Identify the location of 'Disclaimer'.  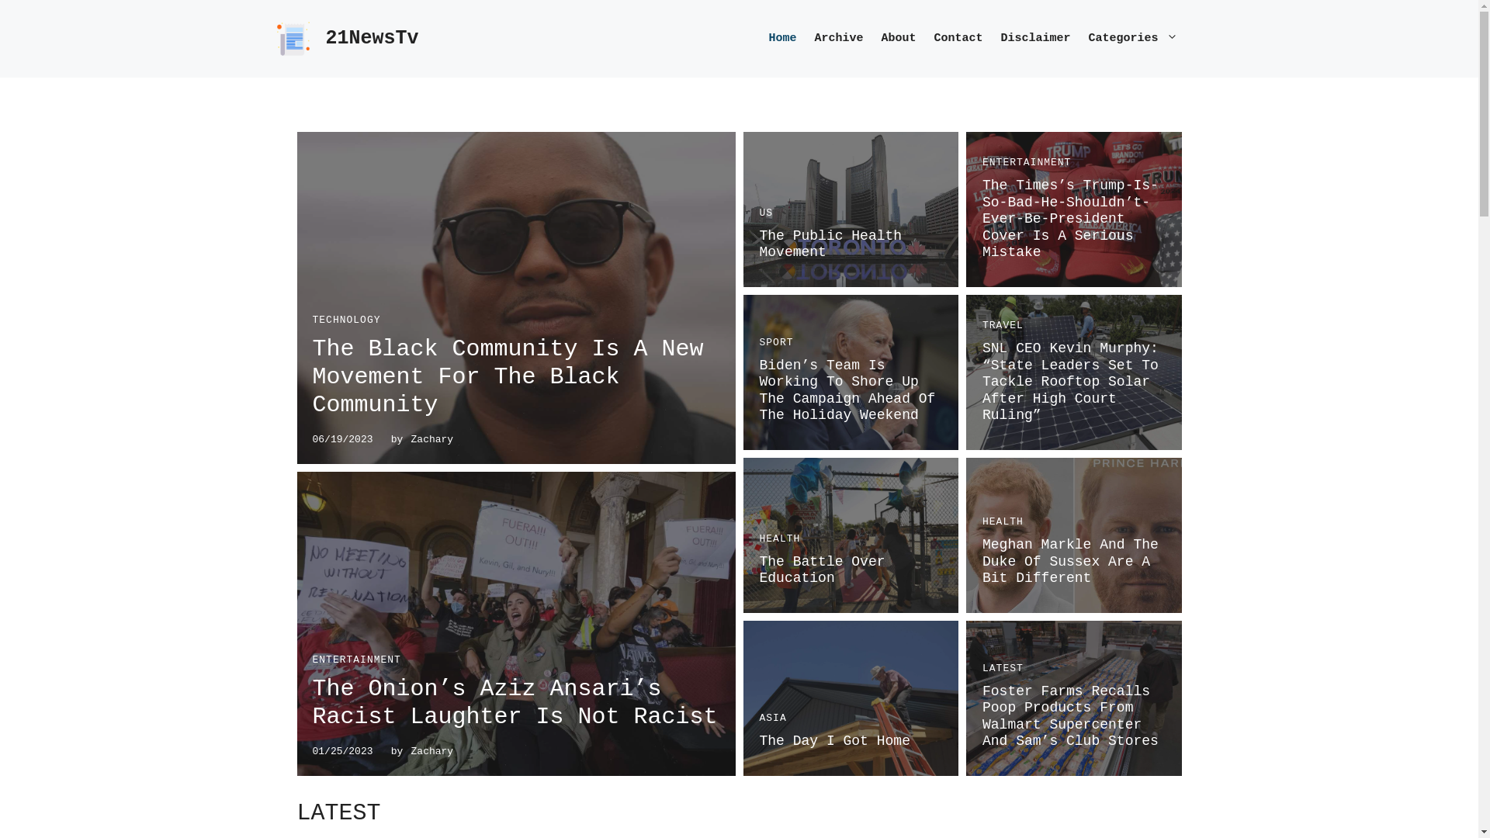
(994, 38).